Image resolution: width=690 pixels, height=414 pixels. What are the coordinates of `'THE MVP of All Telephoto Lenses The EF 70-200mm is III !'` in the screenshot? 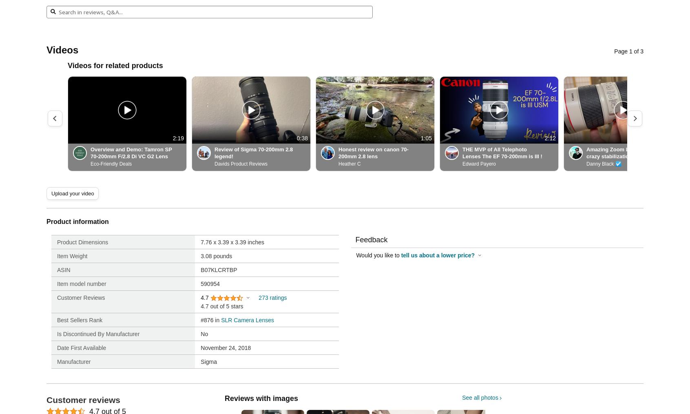 It's located at (502, 153).